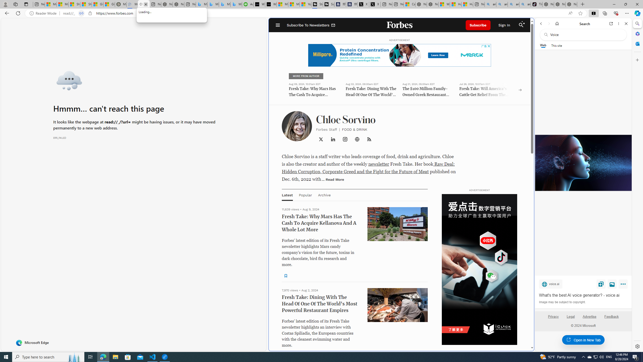 The width and height of the screenshot is (643, 362). Describe the element at coordinates (523, 22) in the screenshot. I see `'Class: sparkles_svg__fs-icon sparkles_svg__fs-icon--sparkles'` at that location.